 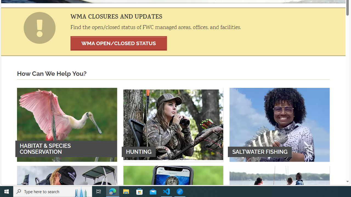 I want to click on 'HABITAT & SPECIES CONSERVATION', so click(x=67, y=124).